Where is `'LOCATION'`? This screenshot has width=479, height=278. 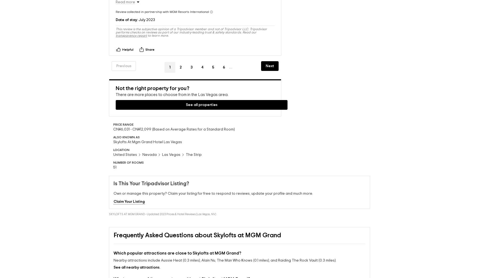 'LOCATION' is located at coordinates (121, 145).